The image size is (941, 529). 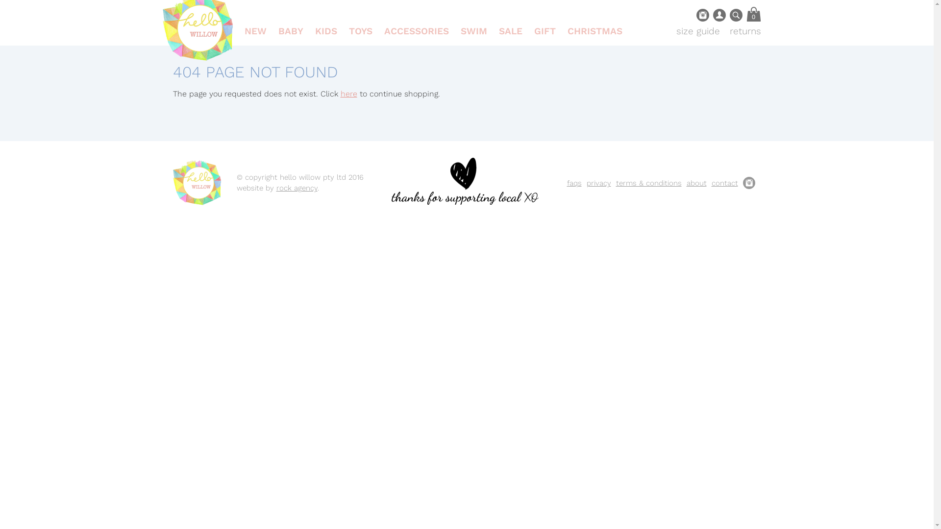 I want to click on 'here', so click(x=348, y=94).